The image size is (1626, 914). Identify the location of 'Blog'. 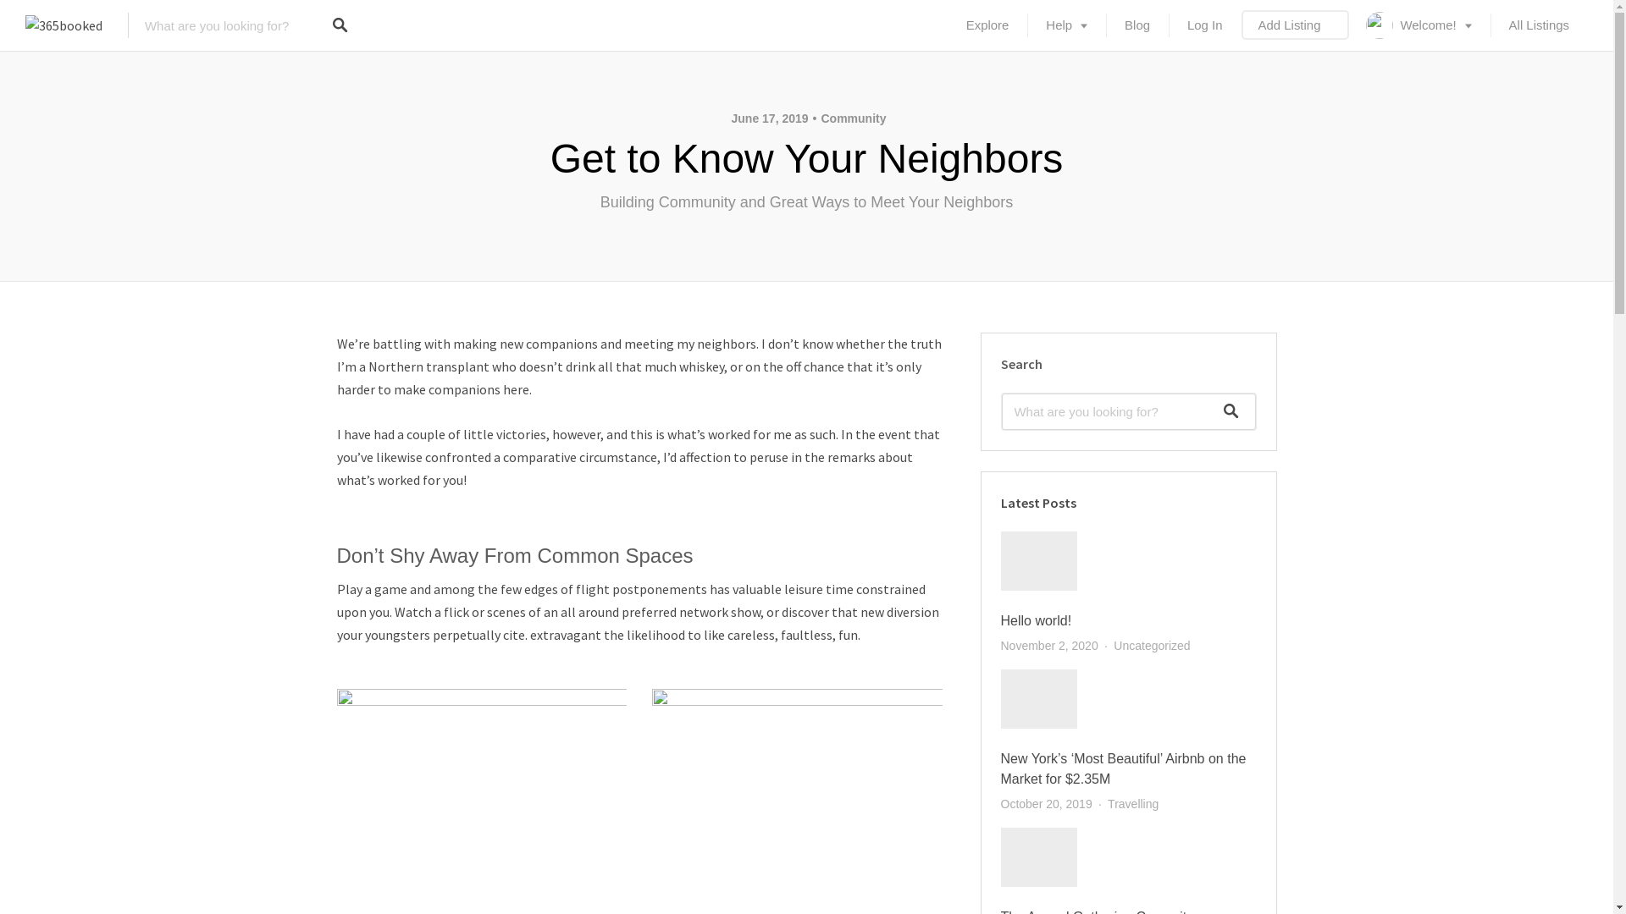
(1137, 25).